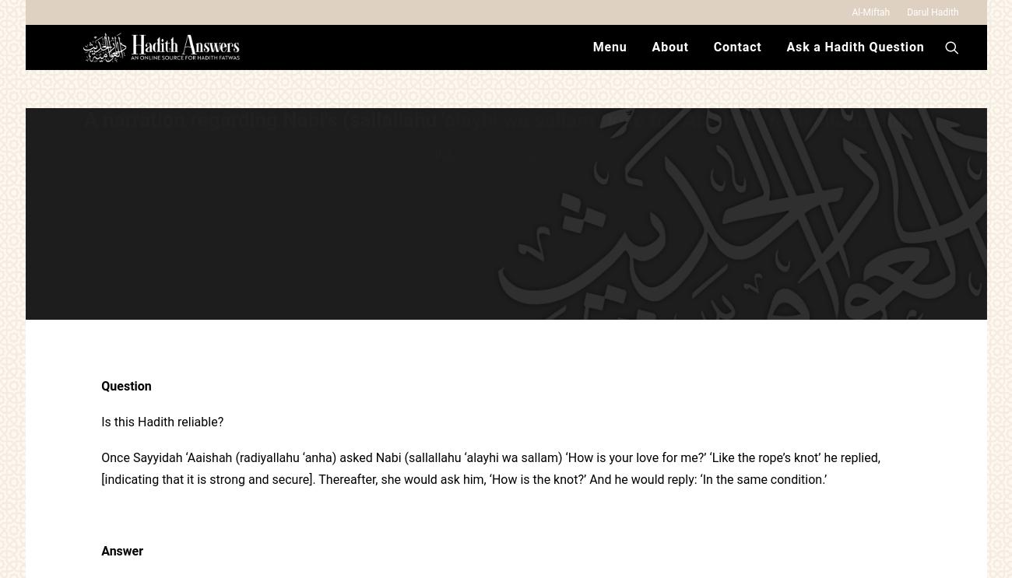 This screenshot has height=578, width=1012. I want to click on 'Published on 22 August 2017', so click(505, 221).